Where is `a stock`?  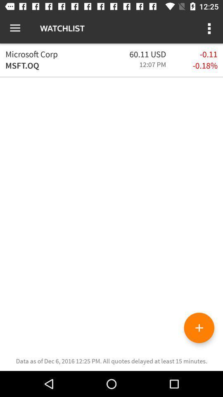 a stock is located at coordinates (199, 328).